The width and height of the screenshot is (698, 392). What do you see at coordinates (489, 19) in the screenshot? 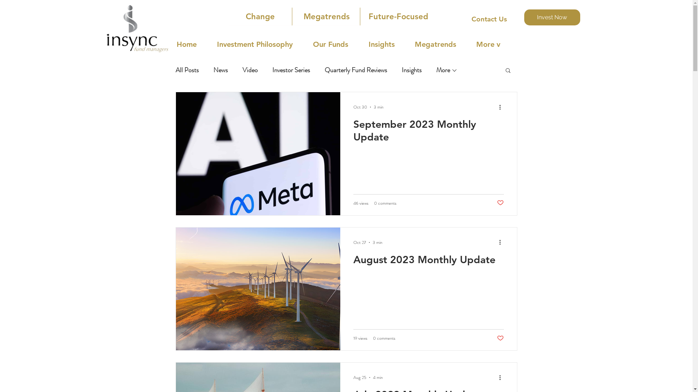
I see `'Contact Us'` at bounding box center [489, 19].